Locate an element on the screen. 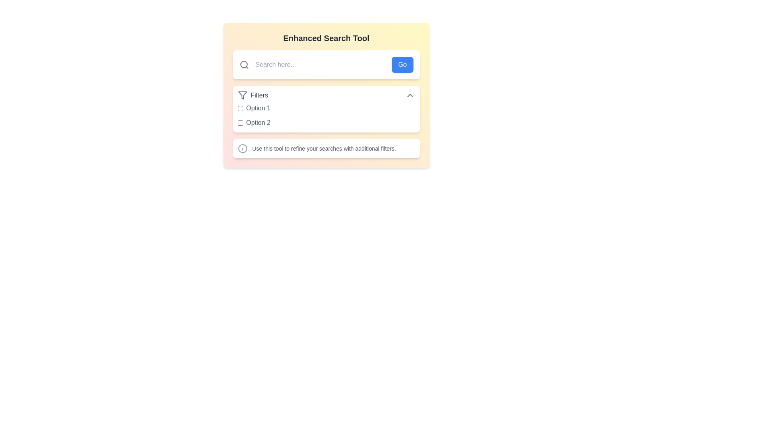 The image size is (773, 435). the 'Filters' toggle button located at the top of the options list is located at coordinates (326, 95).